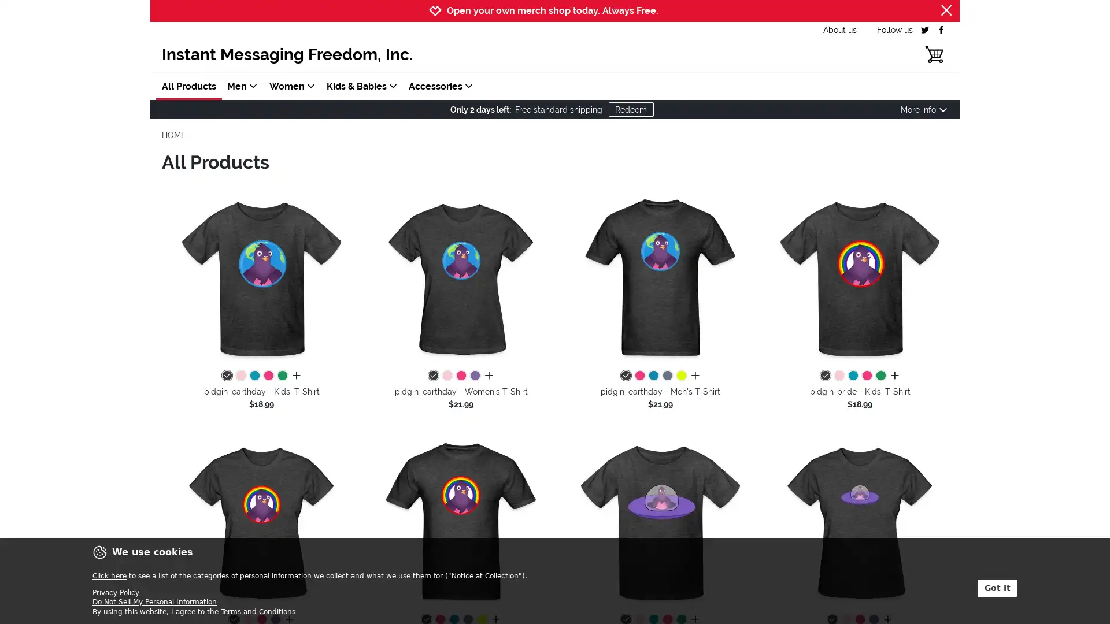  Describe the element at coordinates (638, 376) in the screenshot. I see `fuchsia` at that location.